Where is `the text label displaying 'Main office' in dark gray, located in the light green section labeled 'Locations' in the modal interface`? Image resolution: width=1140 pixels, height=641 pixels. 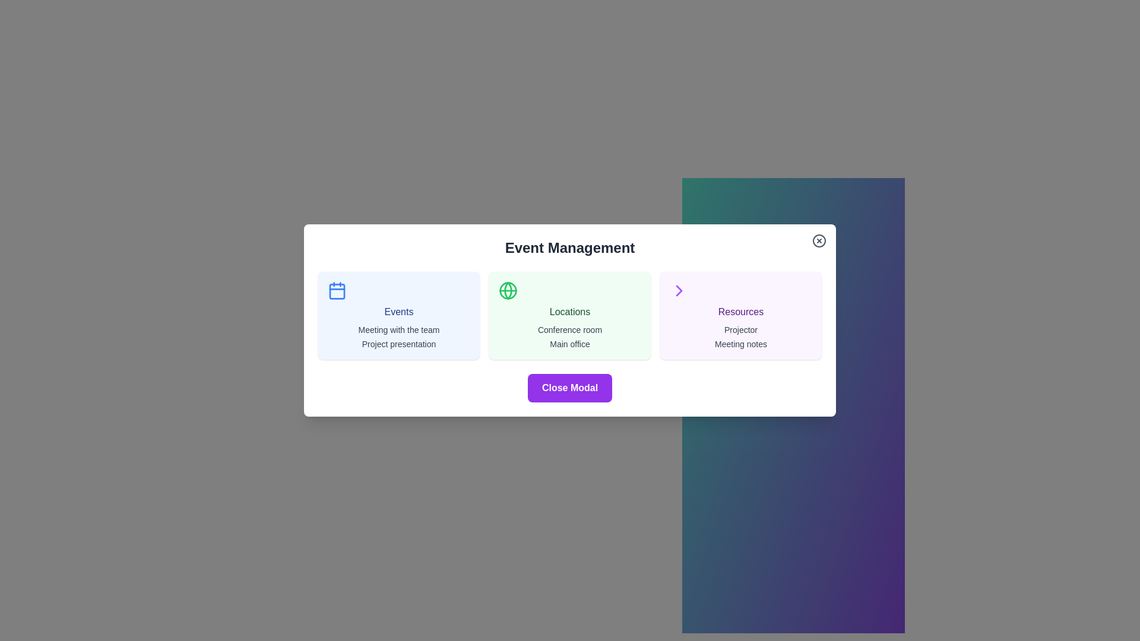 the text label displaying 'Main office' in dark gray, located in the light green section labeled 'Locations' in the modal interface is located at coordinates (570, 344).